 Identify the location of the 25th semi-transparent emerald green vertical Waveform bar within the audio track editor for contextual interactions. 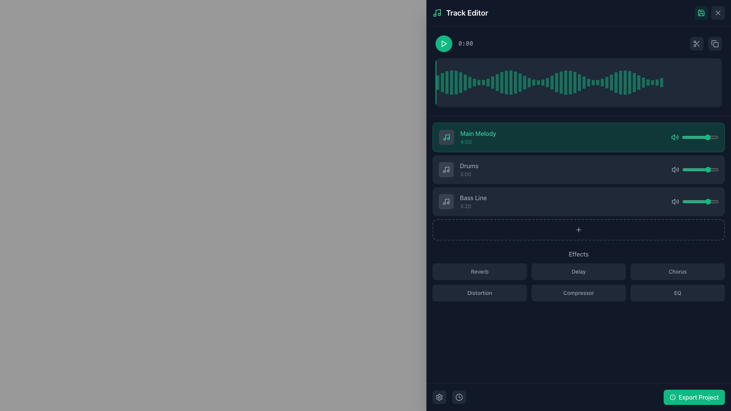
(542, 82).